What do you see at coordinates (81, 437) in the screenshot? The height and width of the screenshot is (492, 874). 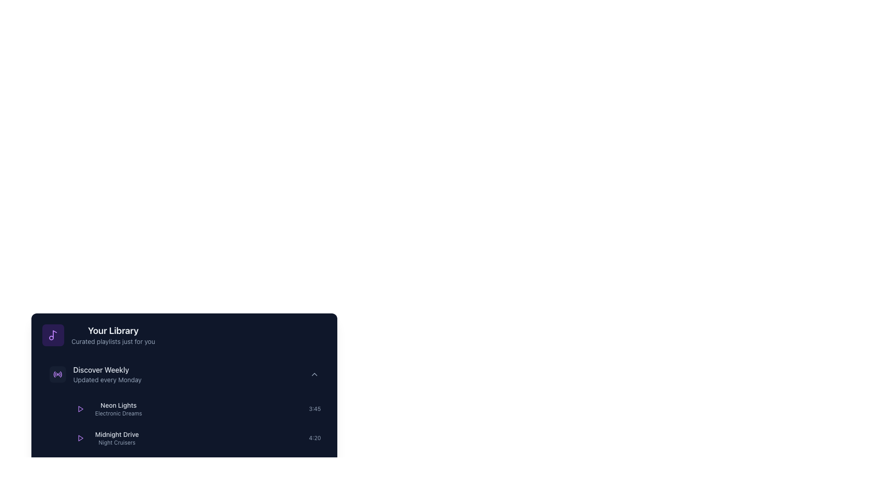 I see `the play button located to the left of the text 'Midnight Drive'` at bounding box center [81, 437].